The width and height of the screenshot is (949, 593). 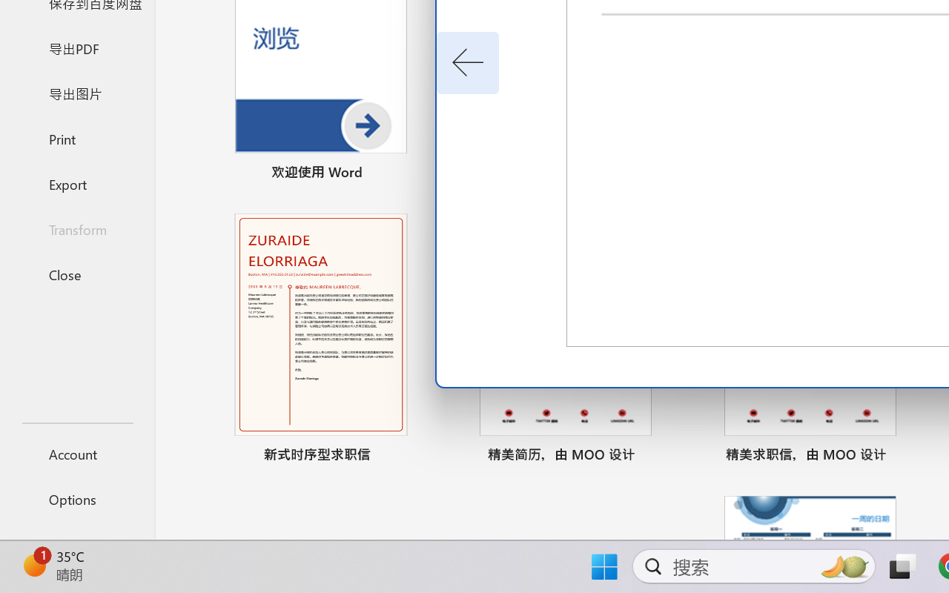 I want to click on 'Export', so click(x=76, y=183).